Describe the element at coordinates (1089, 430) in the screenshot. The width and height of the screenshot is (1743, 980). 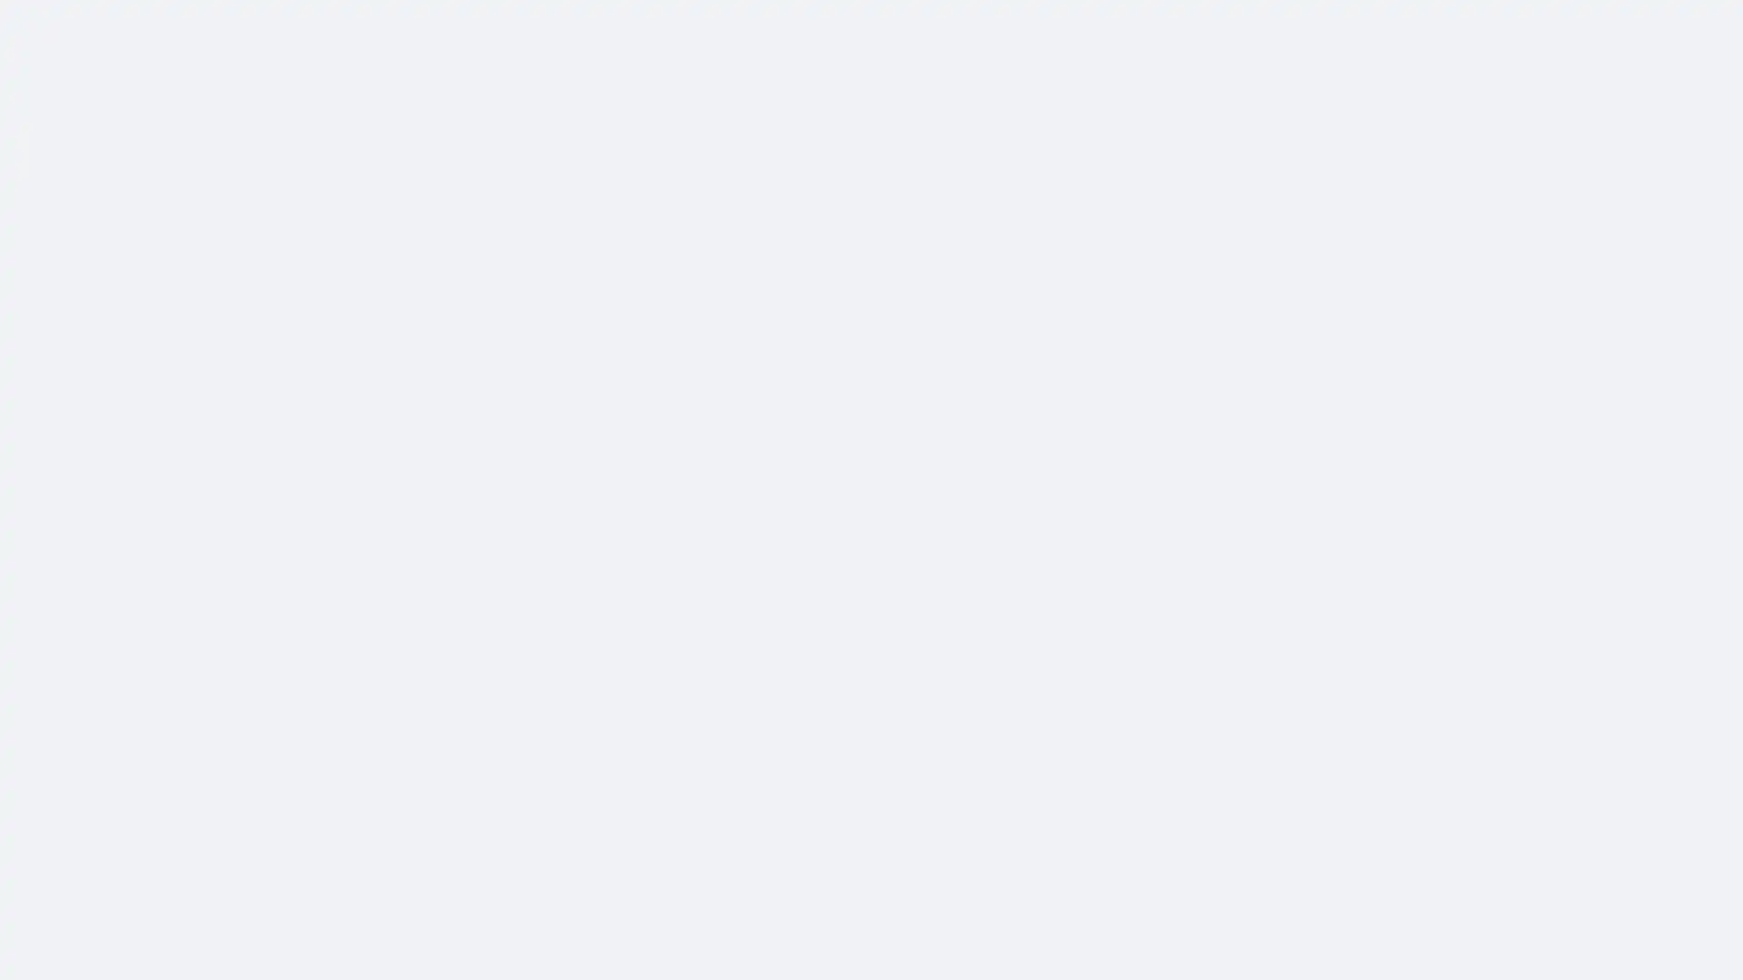
I see `Close` at that location.